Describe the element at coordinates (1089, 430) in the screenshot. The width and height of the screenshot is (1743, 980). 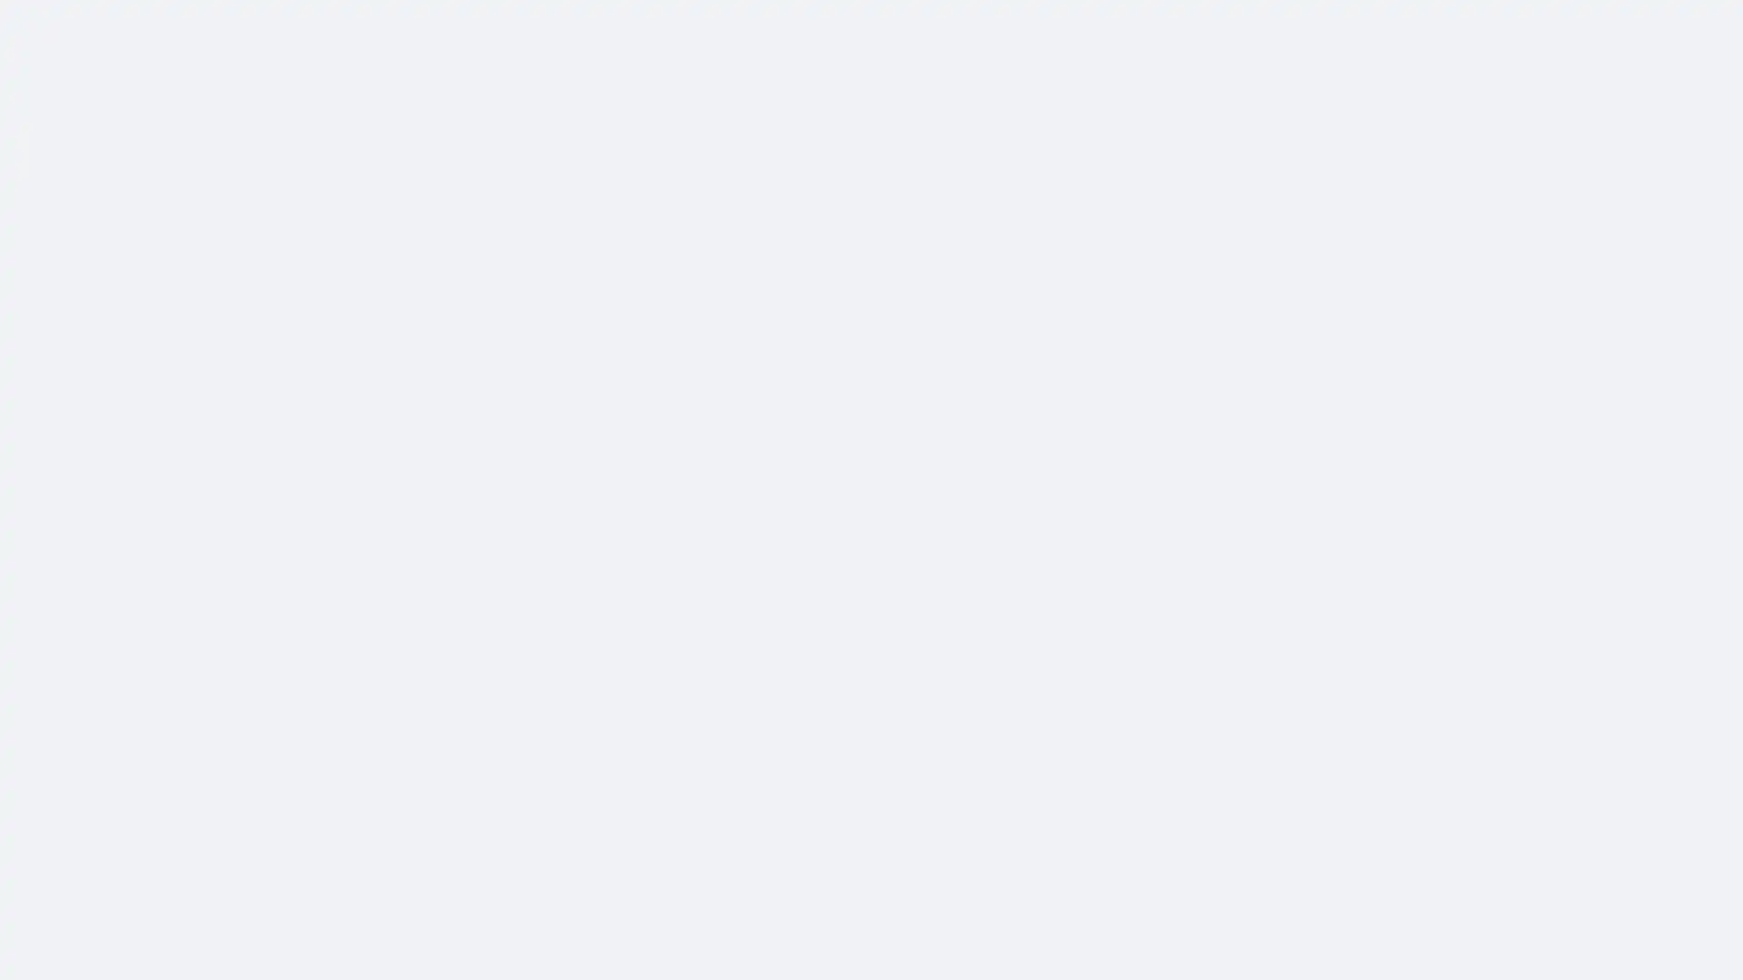
I see `Close` at that location.